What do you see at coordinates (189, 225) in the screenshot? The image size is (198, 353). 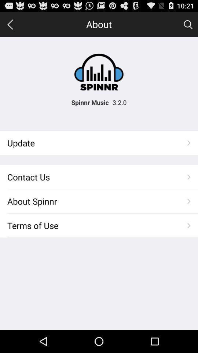 I see `the arrow beside terms of use` at bounding box center [189, 225].